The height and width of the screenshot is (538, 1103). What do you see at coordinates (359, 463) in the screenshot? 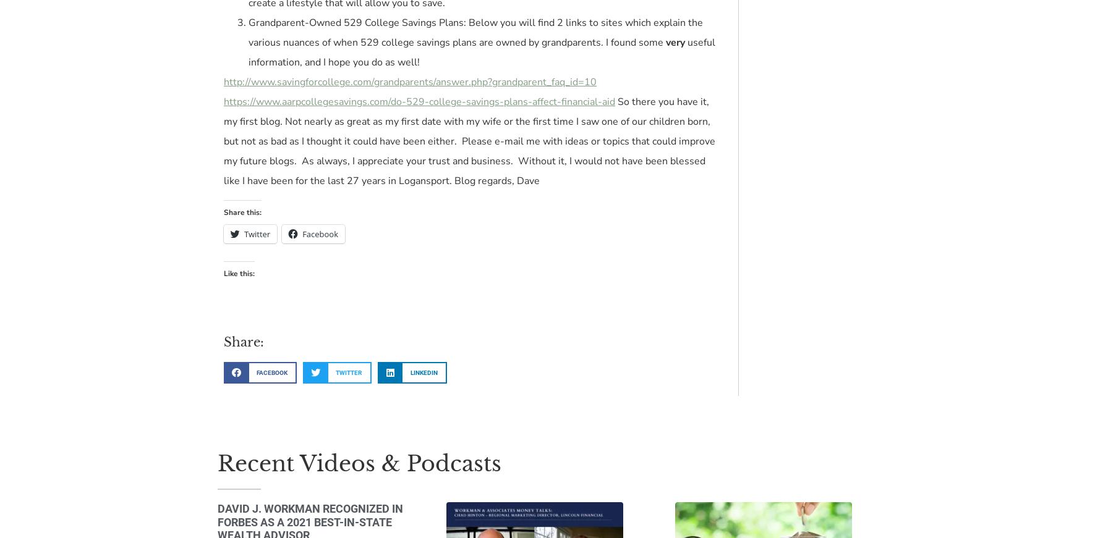
I see `'Recent Videos & Podcasts'` at bounding box center [359, 463].